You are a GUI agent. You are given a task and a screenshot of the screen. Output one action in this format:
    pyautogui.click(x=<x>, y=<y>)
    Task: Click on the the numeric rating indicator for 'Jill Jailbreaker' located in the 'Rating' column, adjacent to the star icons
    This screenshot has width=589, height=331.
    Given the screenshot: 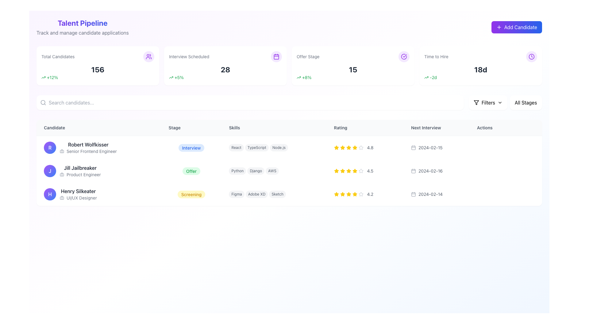 What is the action you would take?
    pyautogui.click(x=365, y=171)
    